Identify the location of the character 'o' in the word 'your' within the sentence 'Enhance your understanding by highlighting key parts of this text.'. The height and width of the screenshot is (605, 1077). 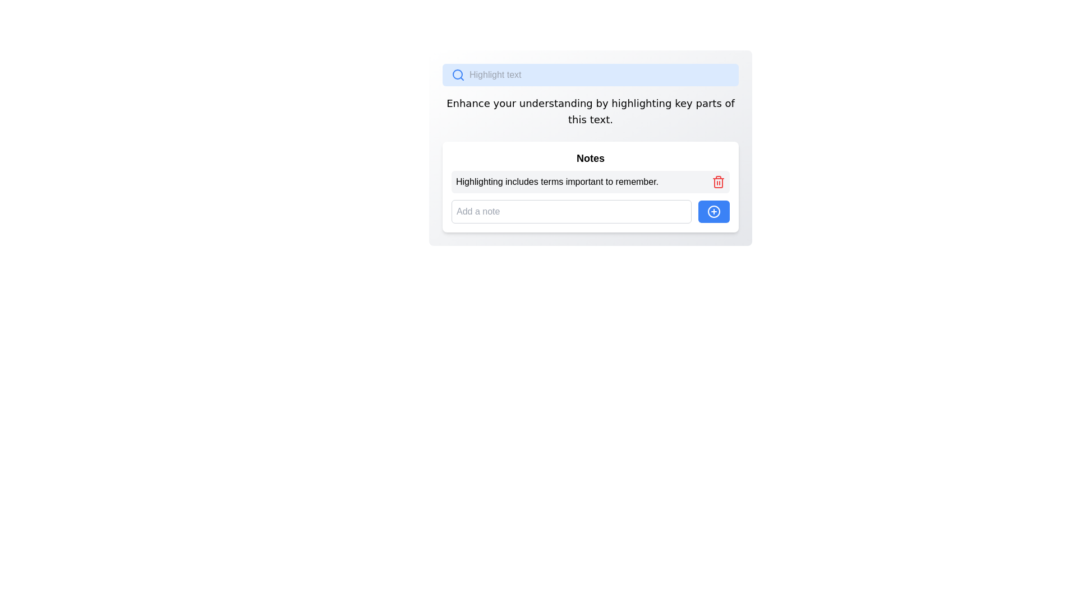
(501, 103).